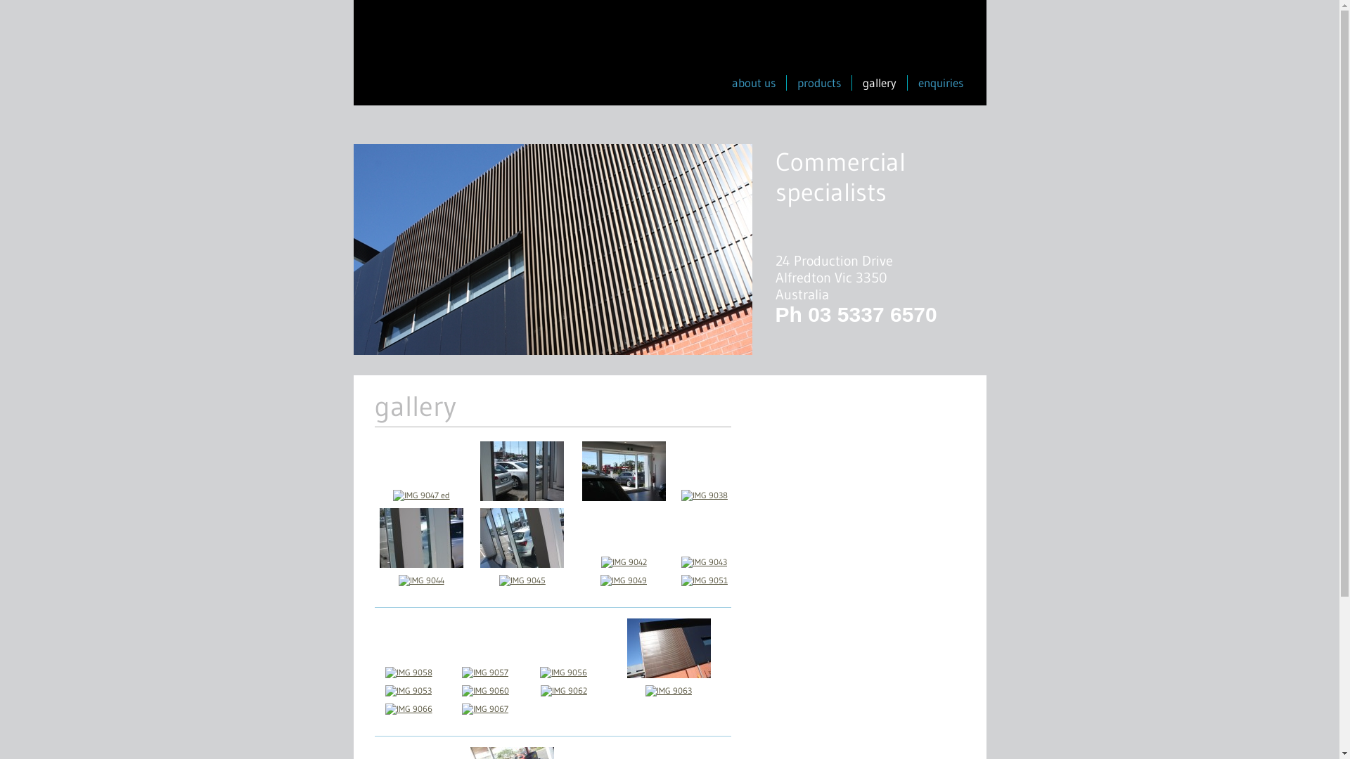 The width and height of the screenshot is (1350, 759). Describe the element at coordinates (705, 580) in the screenshot. I see `'IMG 9051'` at that location.